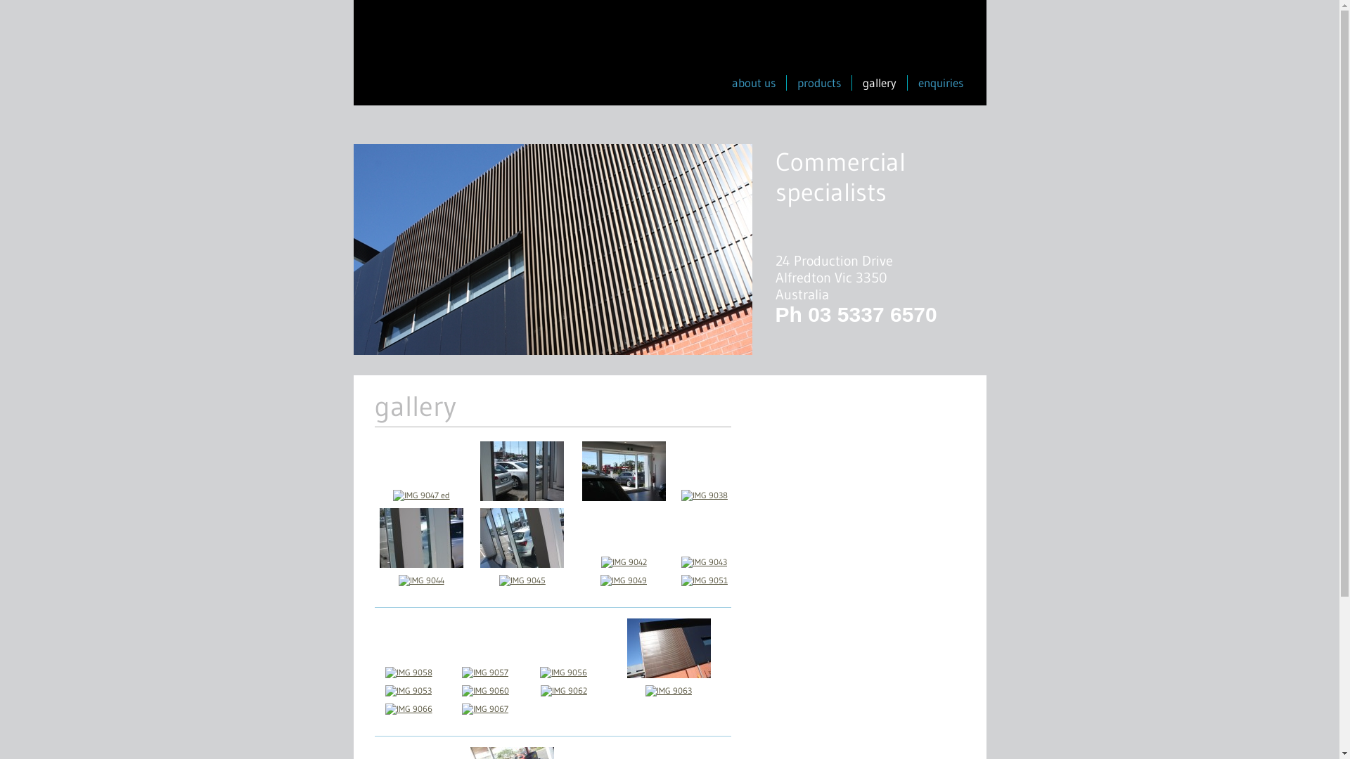 The width and height of the screenshot is (1350, 759). Describe the element at coordinates (705, 580) in the screenshot. I see `'IMG 9051'` at that location.